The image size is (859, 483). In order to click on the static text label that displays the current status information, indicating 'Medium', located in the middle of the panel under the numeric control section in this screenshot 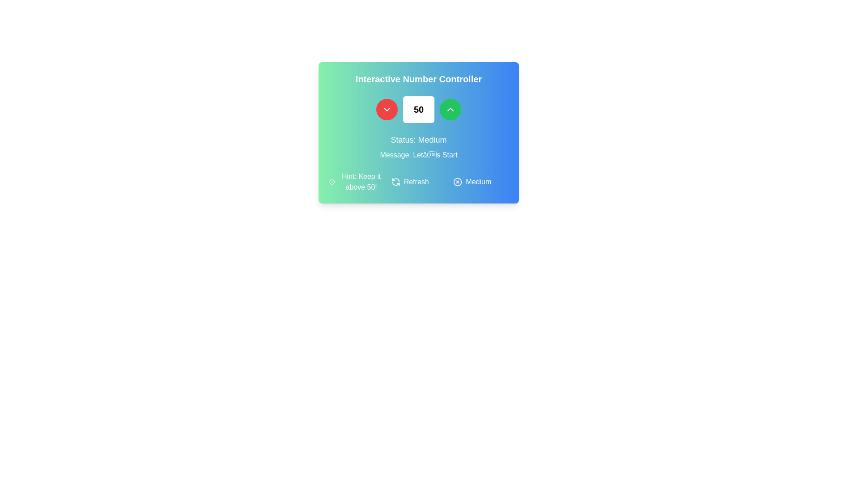, I will do `click(418, 140)`.